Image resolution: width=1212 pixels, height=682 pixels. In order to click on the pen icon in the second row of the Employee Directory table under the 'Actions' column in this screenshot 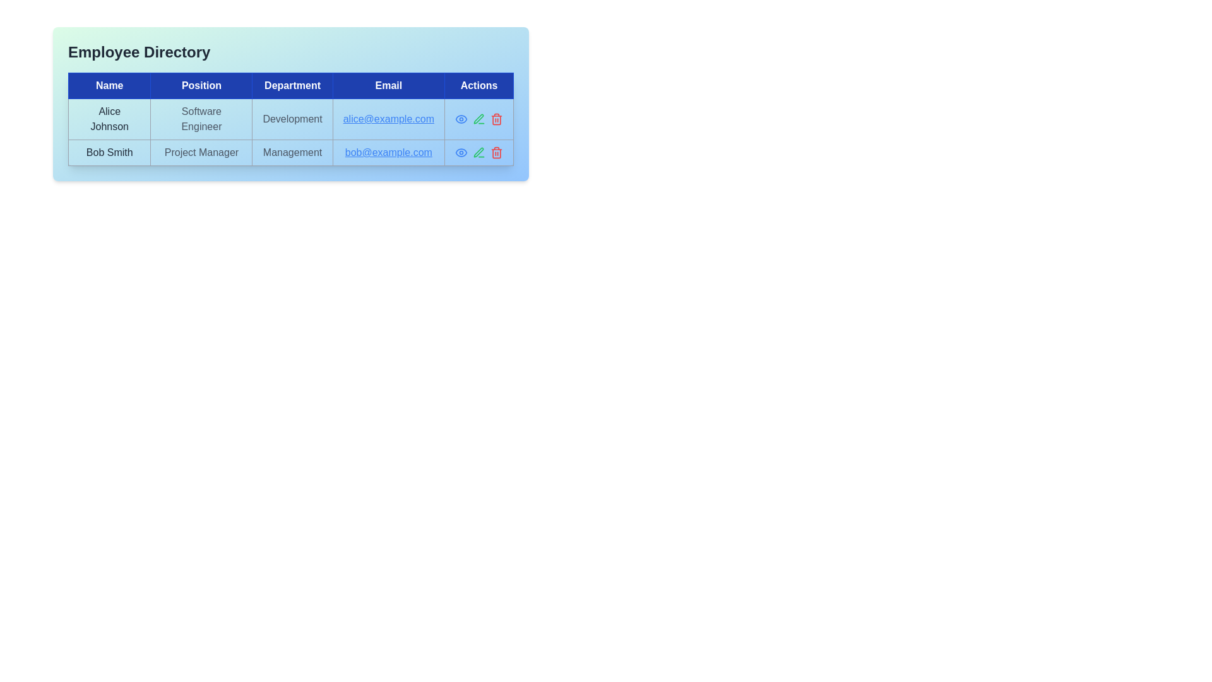, I will do `click(478, 152)`.